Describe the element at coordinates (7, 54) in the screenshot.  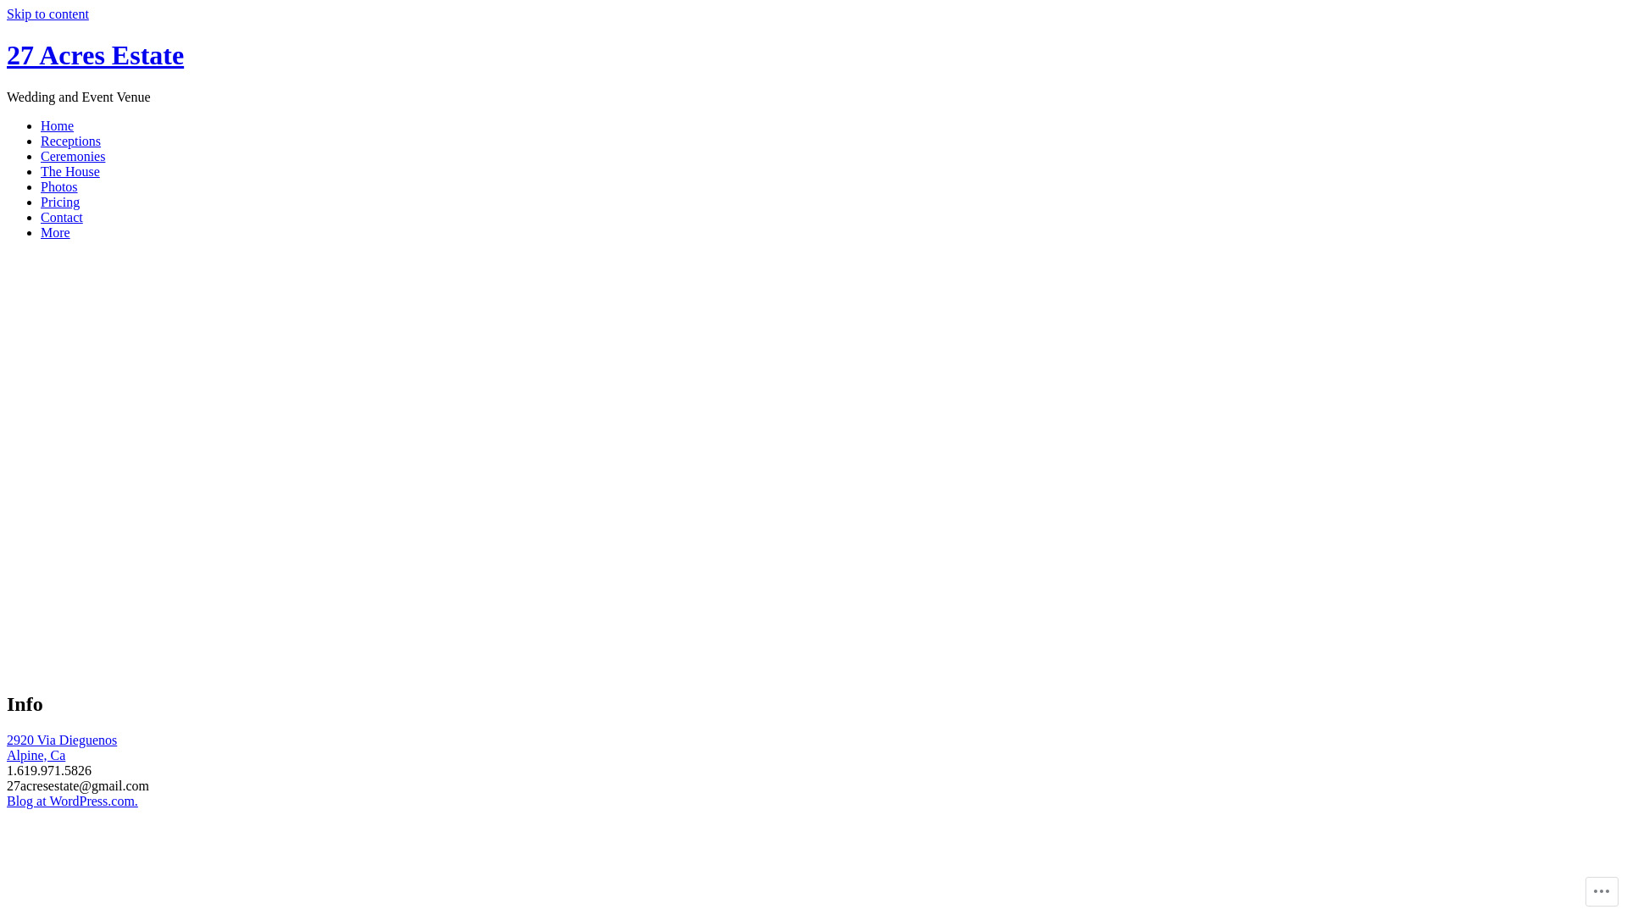
I see `'27 Acres Estate'` at that location.